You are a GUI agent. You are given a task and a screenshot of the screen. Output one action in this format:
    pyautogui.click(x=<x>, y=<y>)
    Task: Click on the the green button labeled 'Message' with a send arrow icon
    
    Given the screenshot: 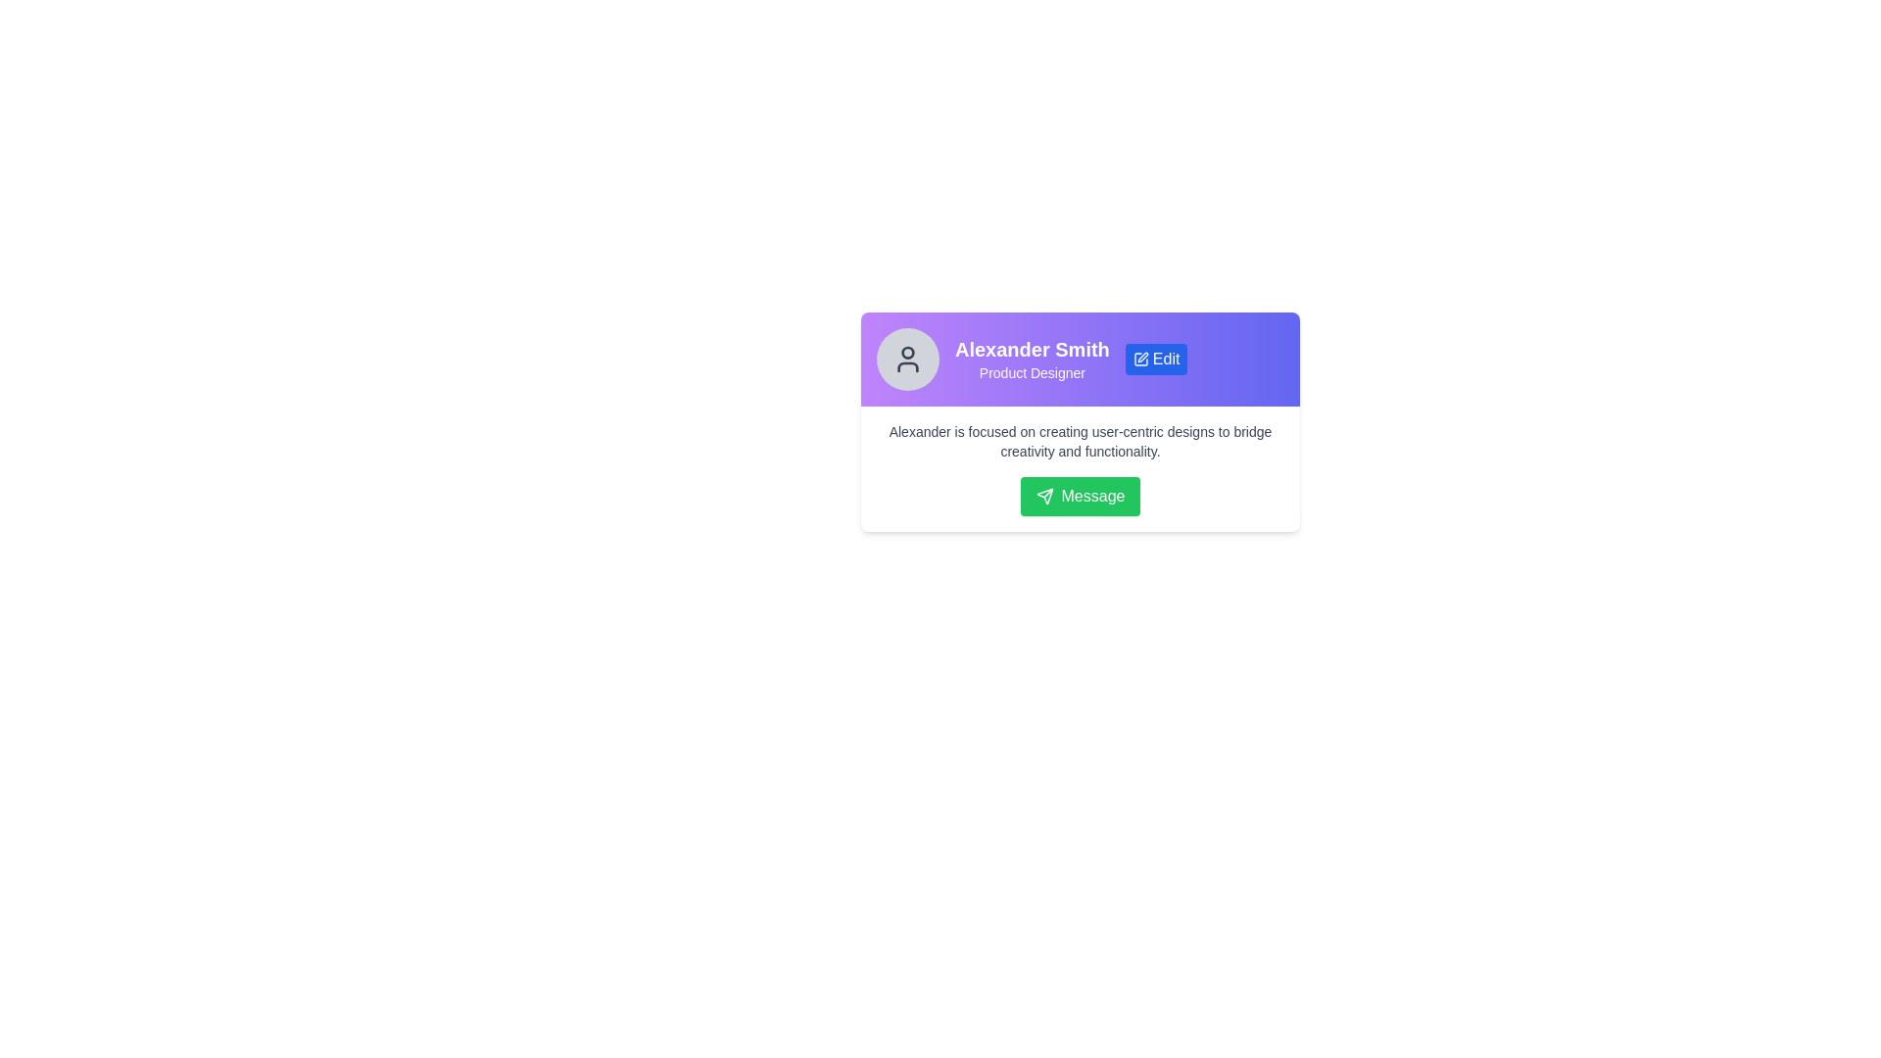 What is the action you would take?
    pyautogui.click(x=1080, y=495)
    